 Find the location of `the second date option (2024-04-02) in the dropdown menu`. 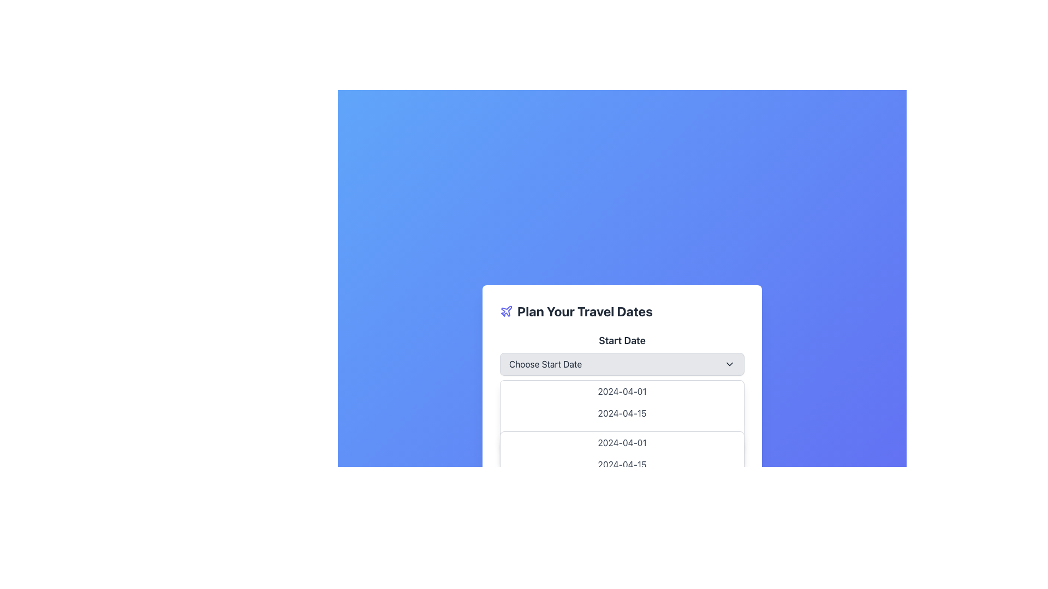

the second date option (2024-04-02) in the dropdown menu is located at coordinates (622, 413).